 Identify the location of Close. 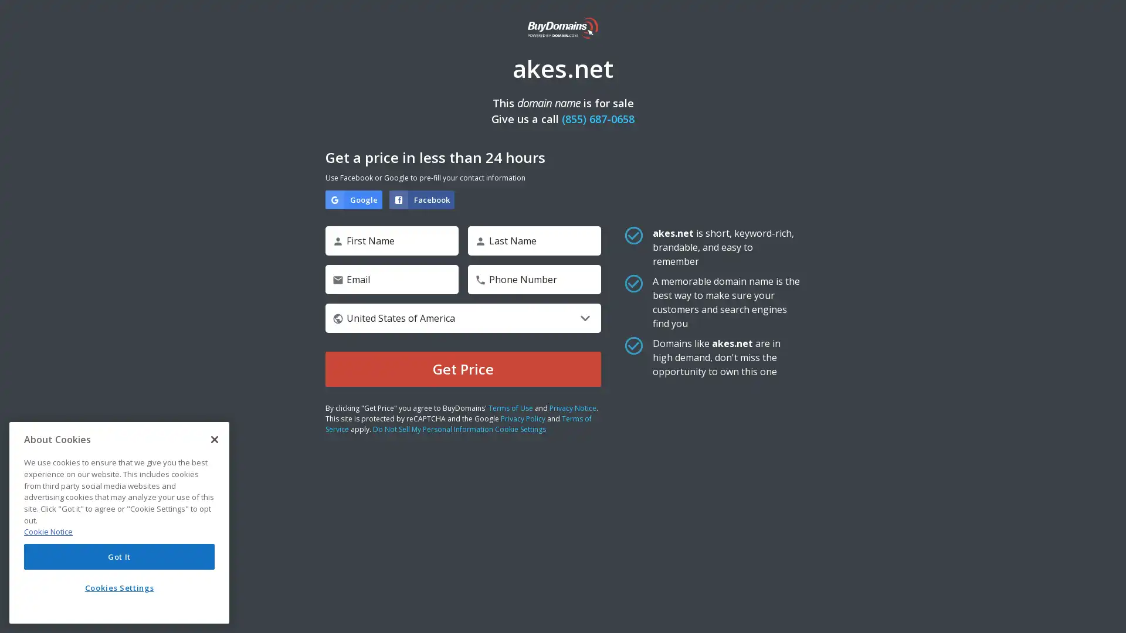
(214, 439).